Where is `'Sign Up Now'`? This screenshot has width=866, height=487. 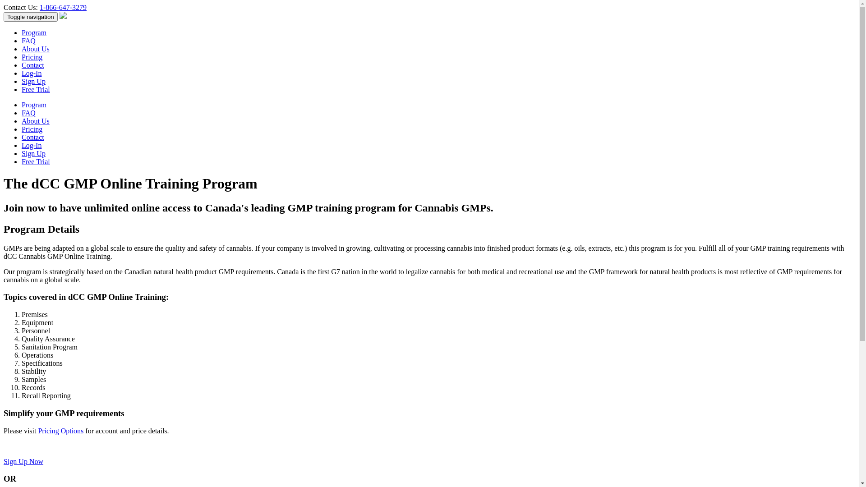 'Sign Up Now' is located at coordinates (4, 461).